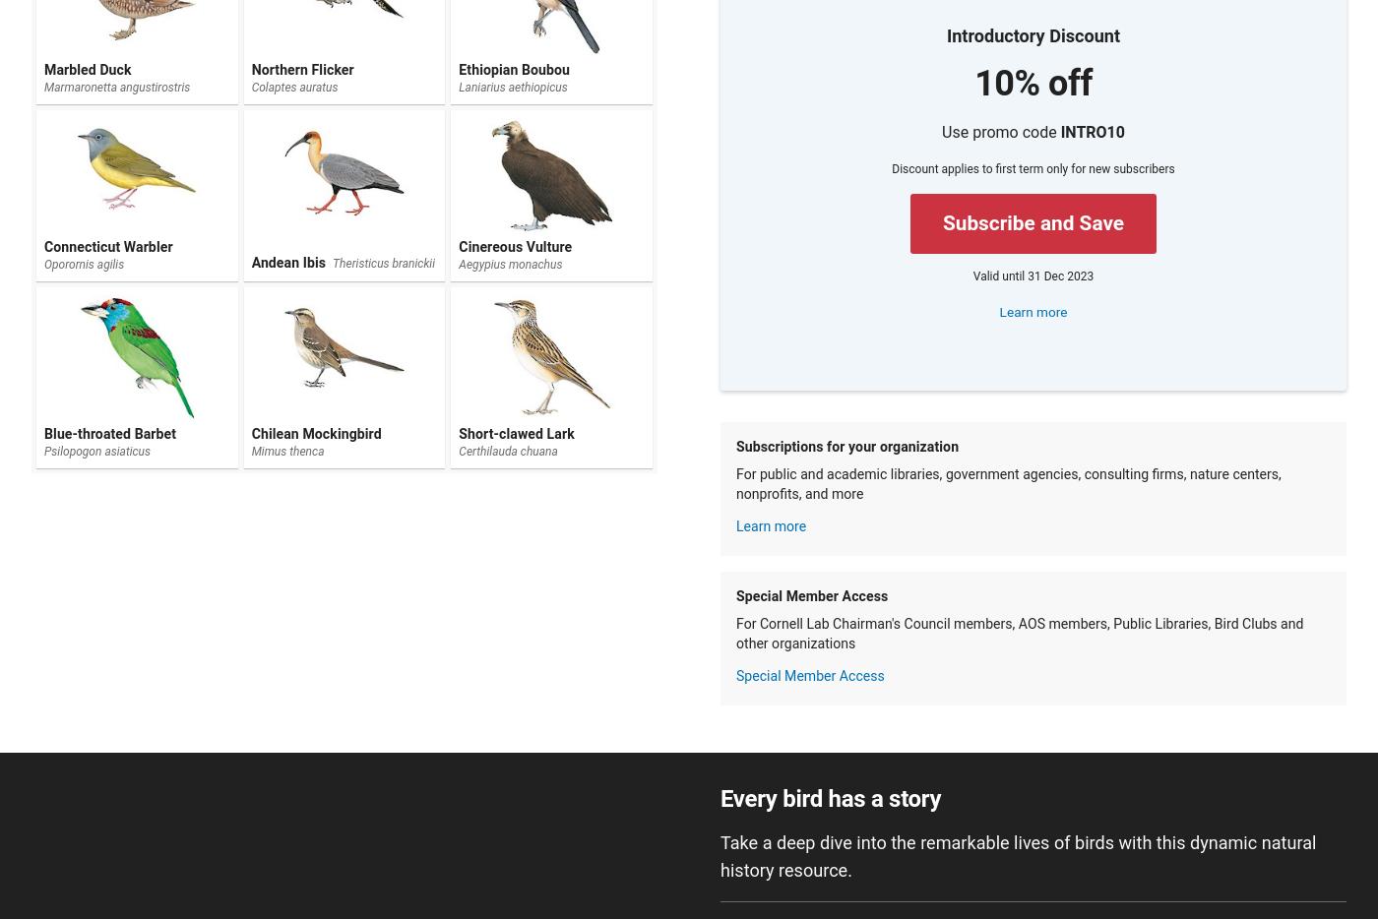  Describe the element at coordinates (110, 434) in the screenshot. I see `'Blue-throated Barbet'` at that location.